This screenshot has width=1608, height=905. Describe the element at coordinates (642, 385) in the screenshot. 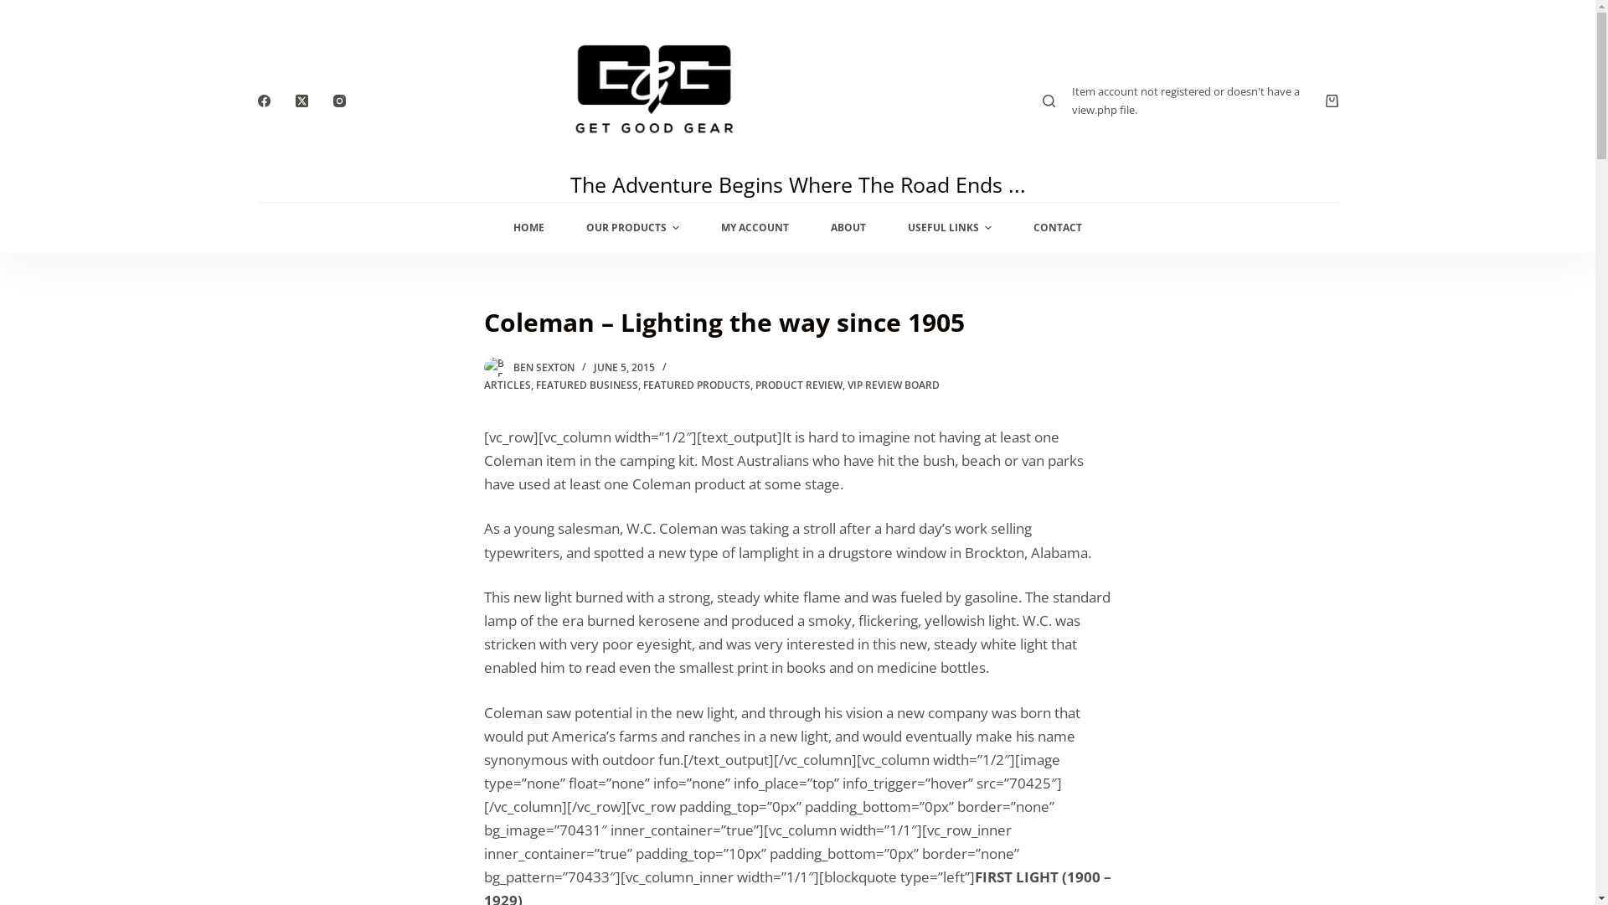

I see `'FEATURED PRODUCTS'` at that location.